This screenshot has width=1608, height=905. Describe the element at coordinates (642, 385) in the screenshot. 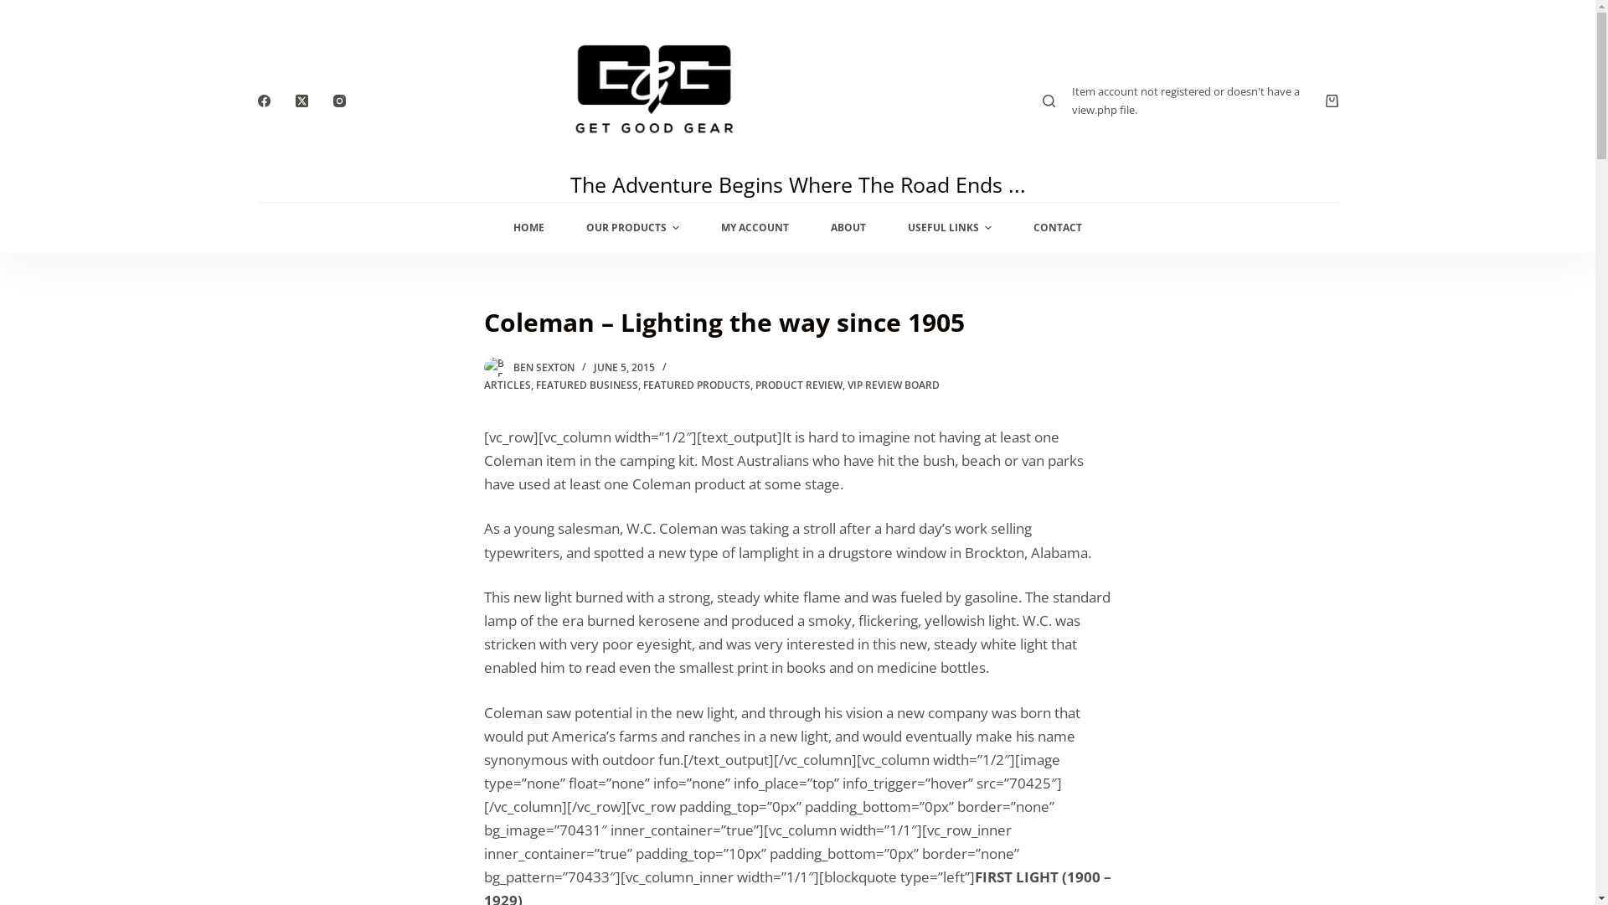

I see `'FEATURED PRODUCTS'` at that location.